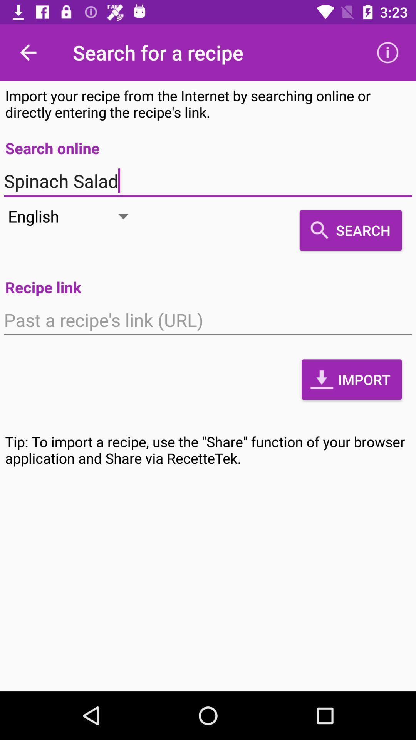 This screenshot has width=416, height=740. I want to click on spinach salad, so click(208, 181).